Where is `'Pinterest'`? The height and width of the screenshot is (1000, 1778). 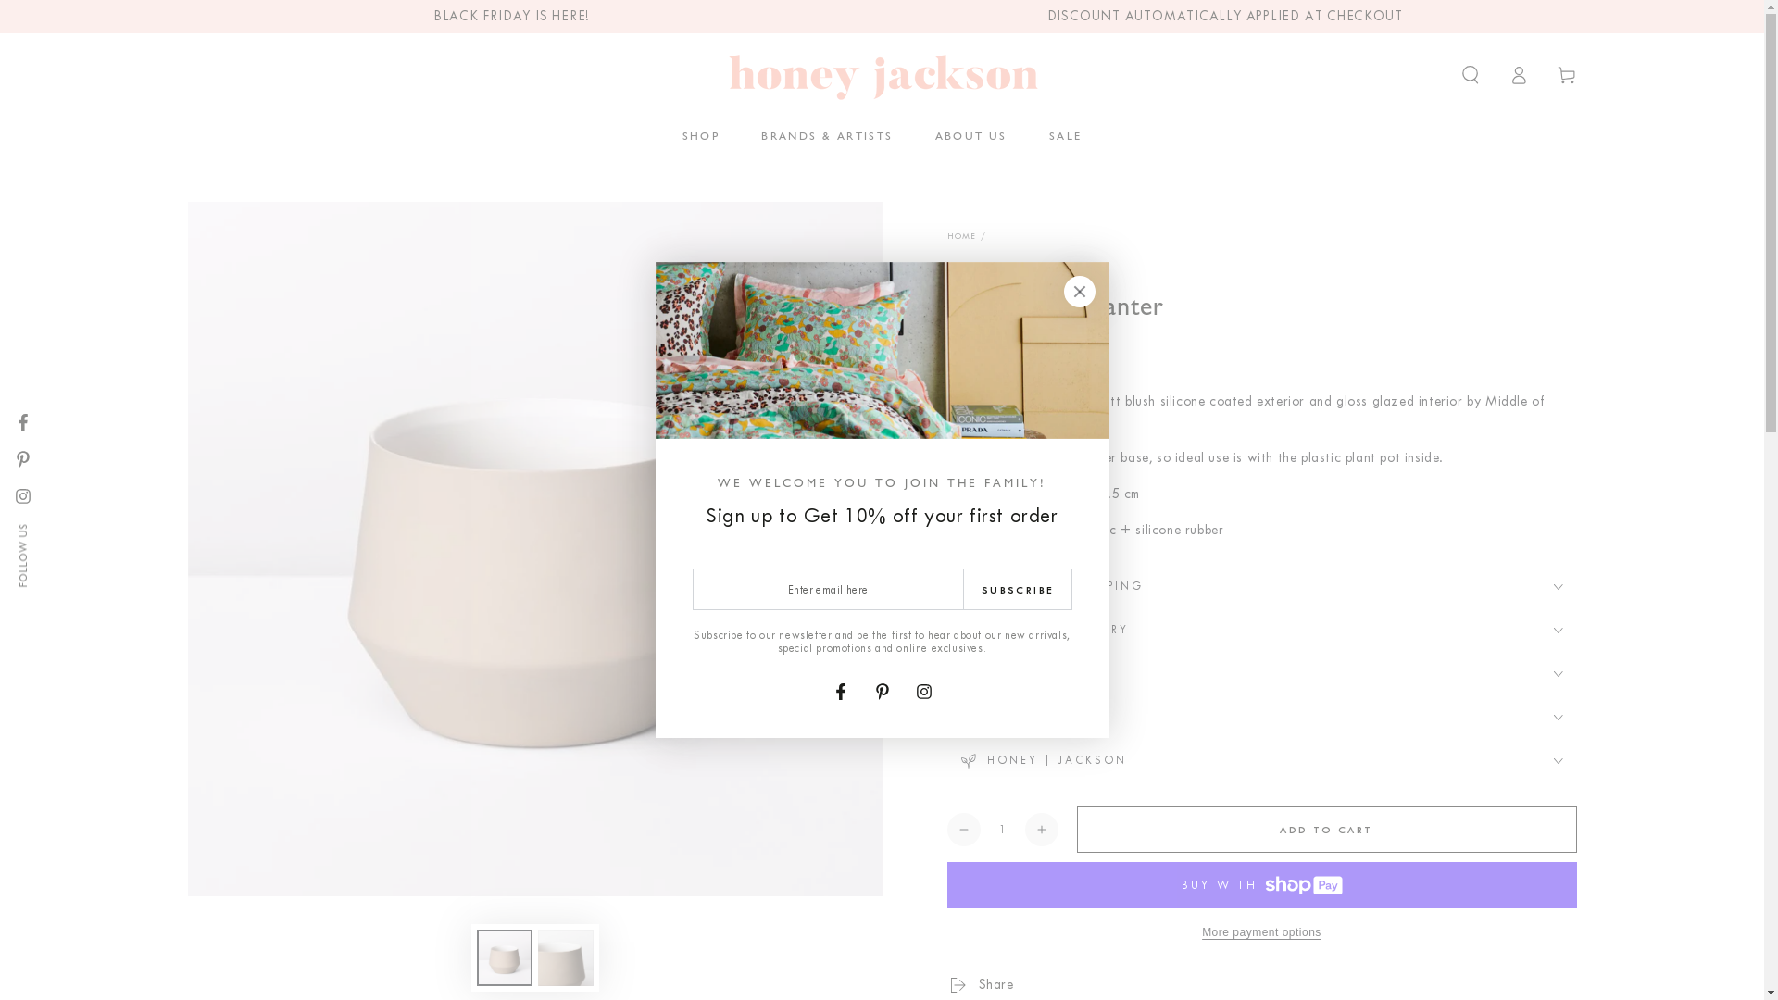
'Pinterest' is located at coordinates (880, 692).